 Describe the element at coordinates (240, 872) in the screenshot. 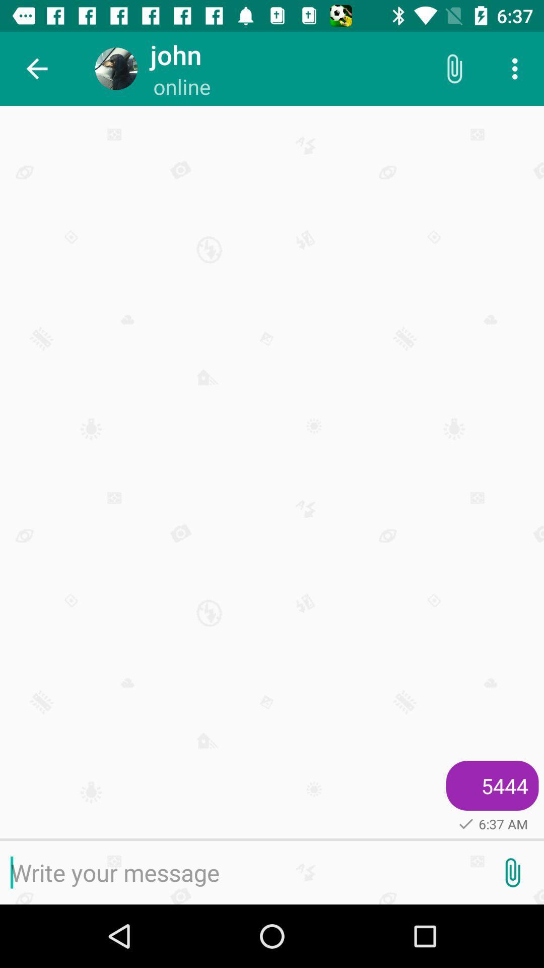

I see `the message` at that location.